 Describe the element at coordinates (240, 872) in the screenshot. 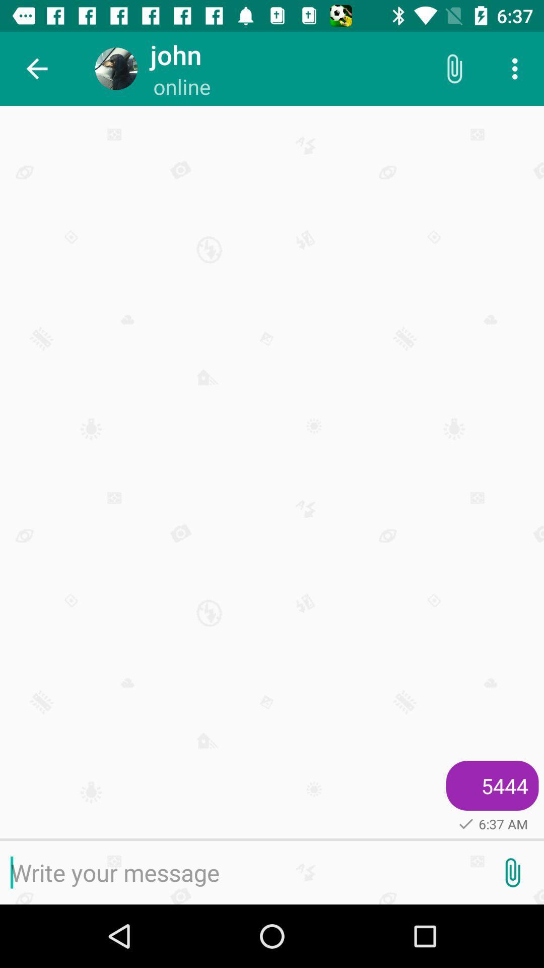

I see `the message` at that location.